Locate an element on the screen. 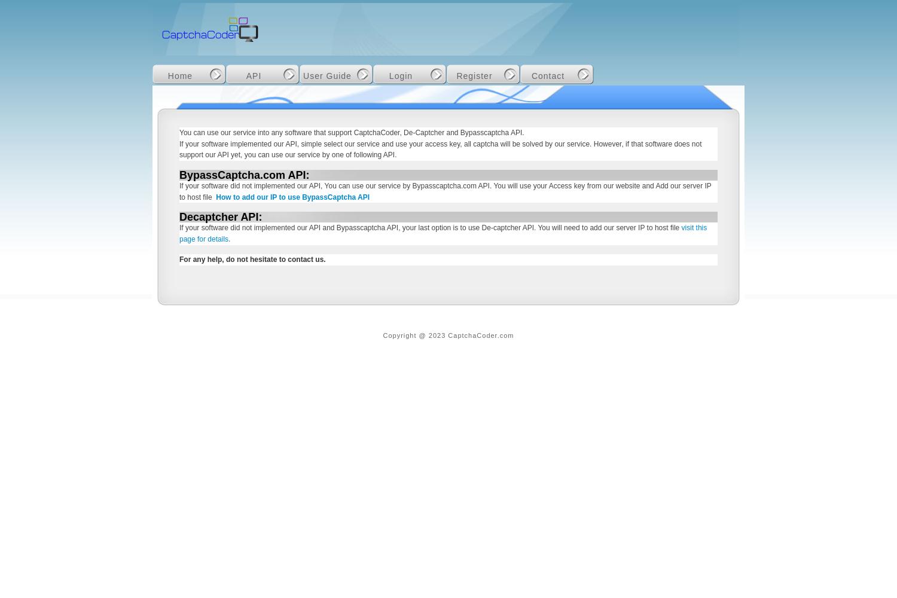  'If your software did not implemented our API, You can use our service by Bypasscaptcha.com API. You will use your Access key from our website and Add our server IP to host file' is located at coordinates (179, 191).